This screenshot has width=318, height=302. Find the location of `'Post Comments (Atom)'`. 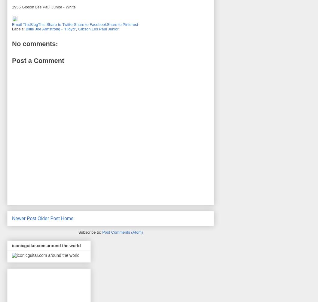

'Post Comments (Atom)' is located at coordinates (122, 232).